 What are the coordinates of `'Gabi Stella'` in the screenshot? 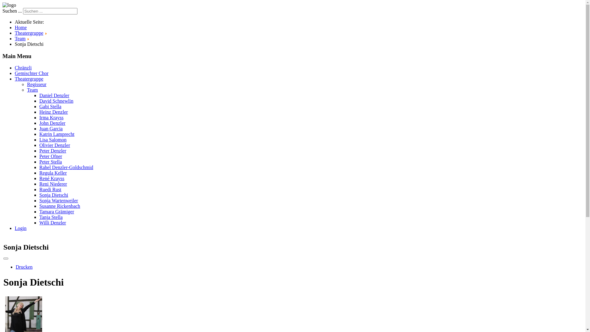 It's located at (50, 106).